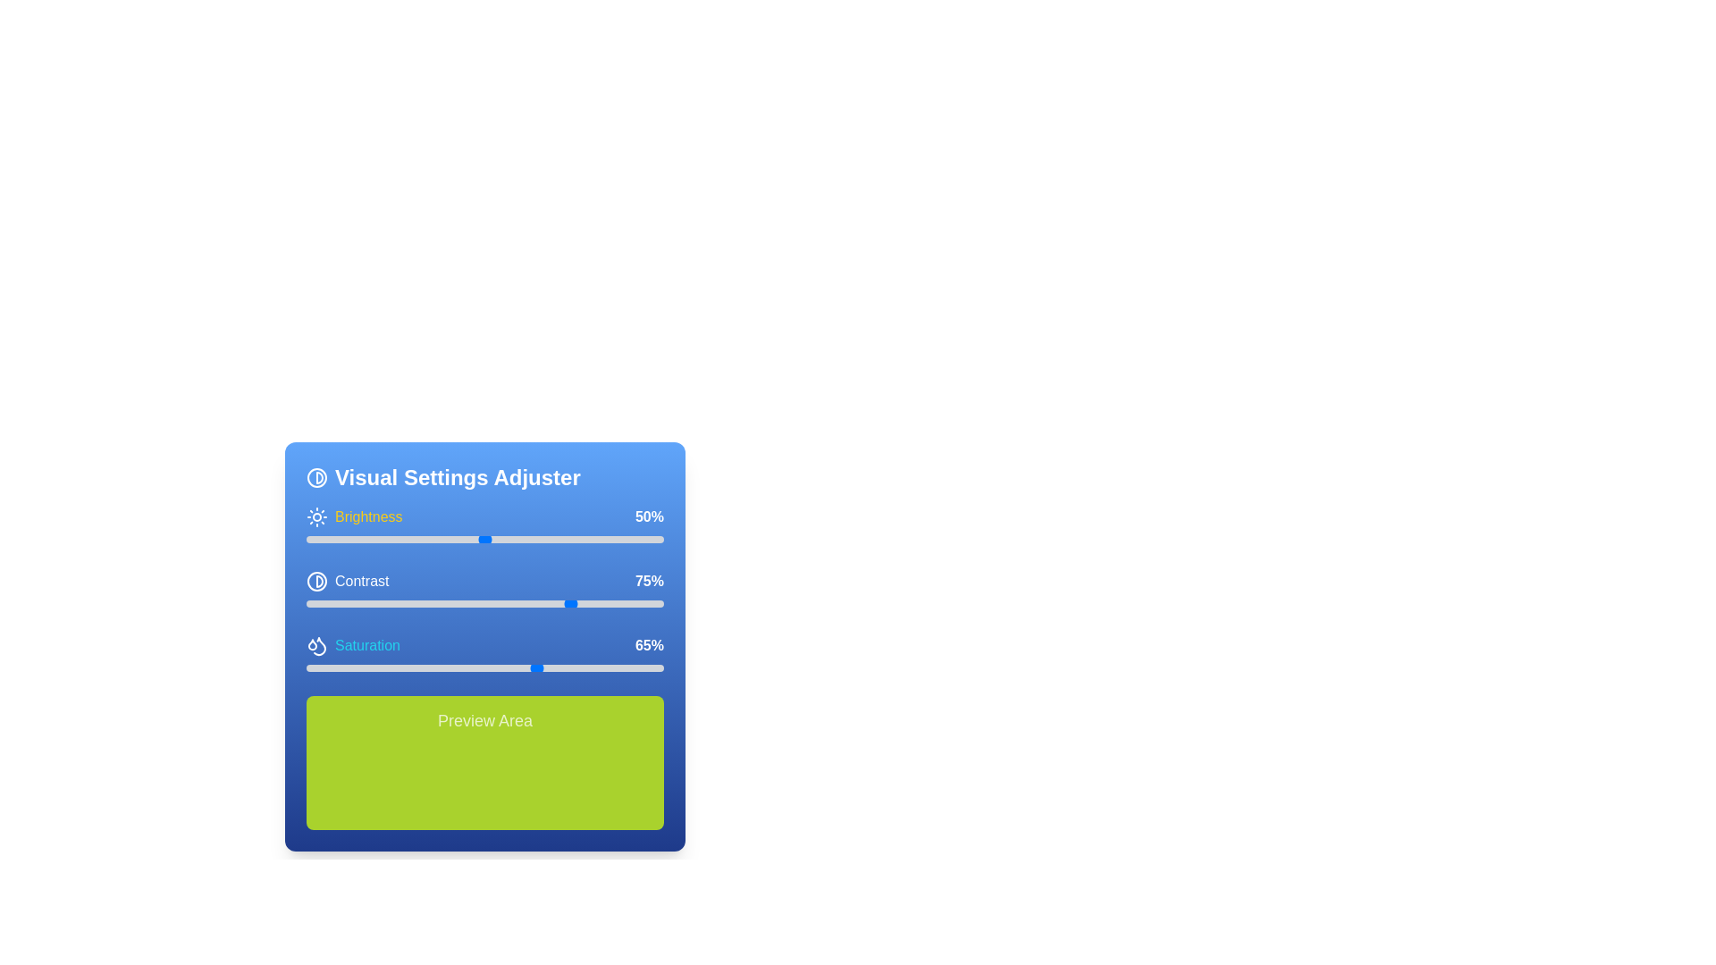 The width and height of the screenshot is (1716, 965). I want to click on the brightness, so click(349, 539).